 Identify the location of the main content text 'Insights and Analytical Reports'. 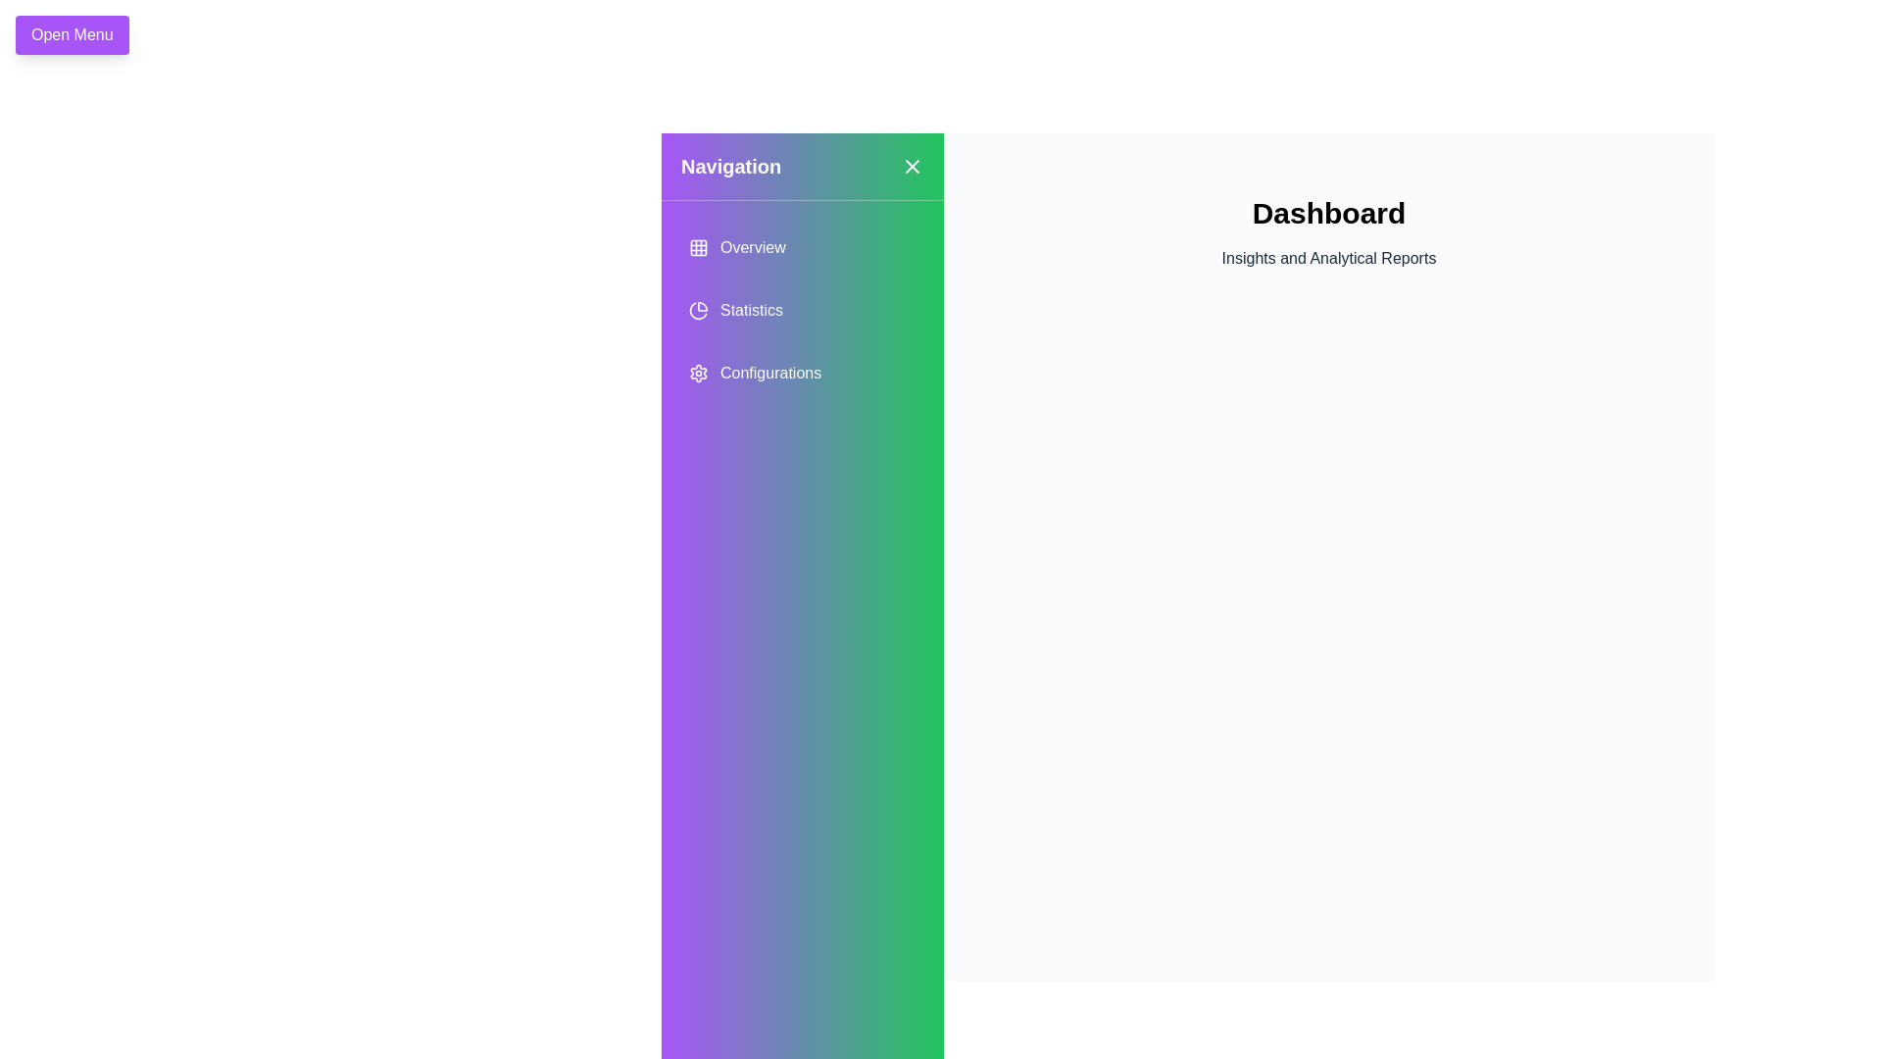
(1329, 257).